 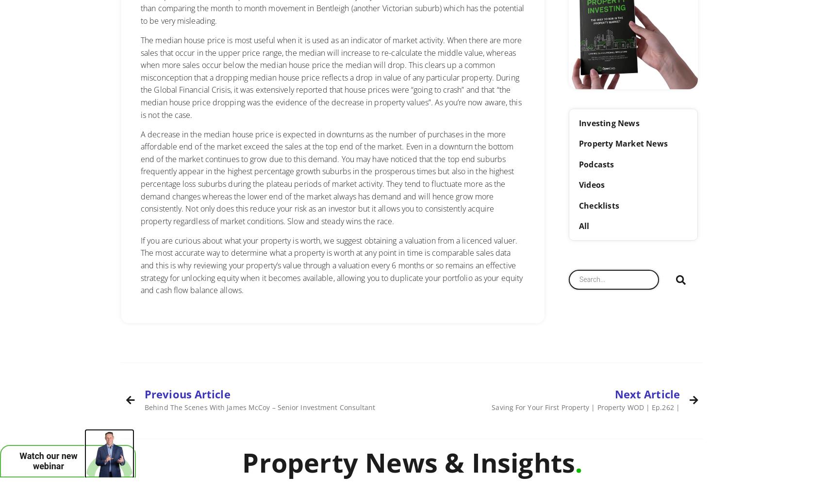 What do you see at coordinates (583, 226) in the screenshot?
I see `'All'` at bounding box center [583, 226].